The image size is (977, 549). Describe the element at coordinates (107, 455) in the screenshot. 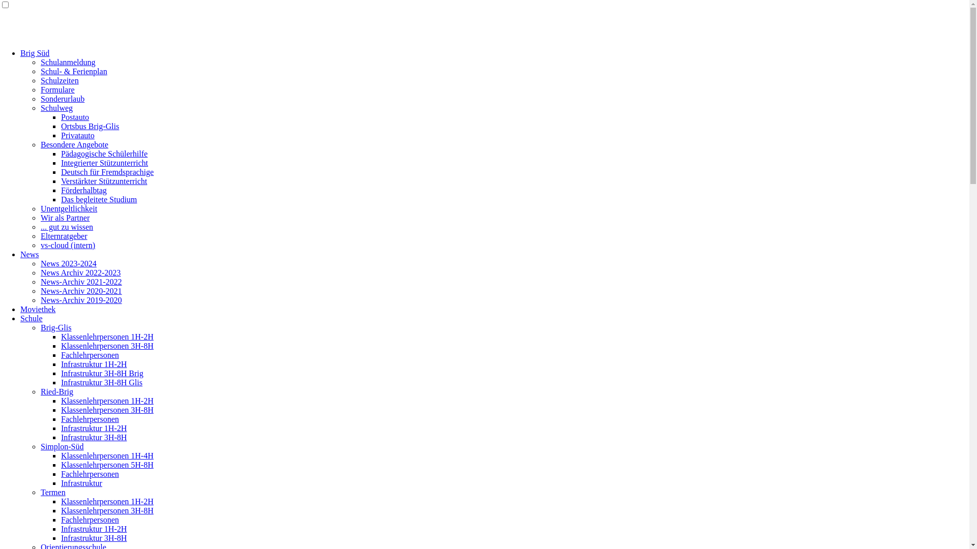

I see `'Klassenlehrpersonen 1H-4H'` at that location.